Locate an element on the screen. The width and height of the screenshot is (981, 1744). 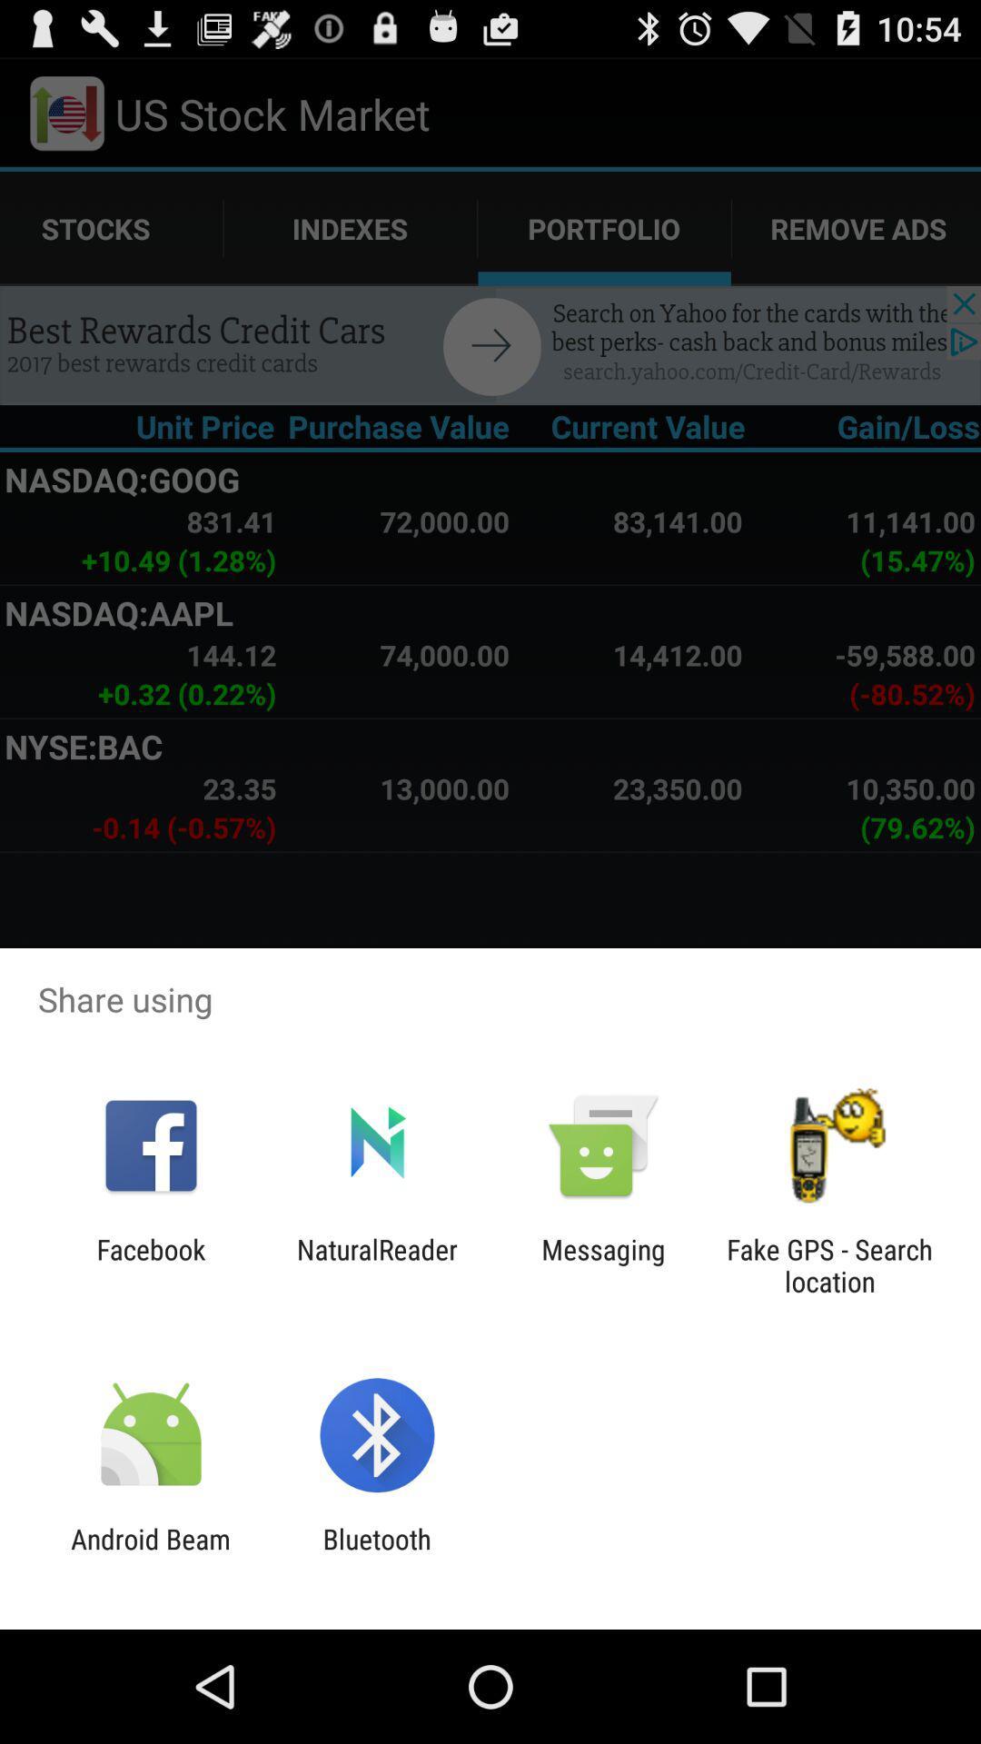
the item next to the naturalreader item is located at coordinates (603, 1264).